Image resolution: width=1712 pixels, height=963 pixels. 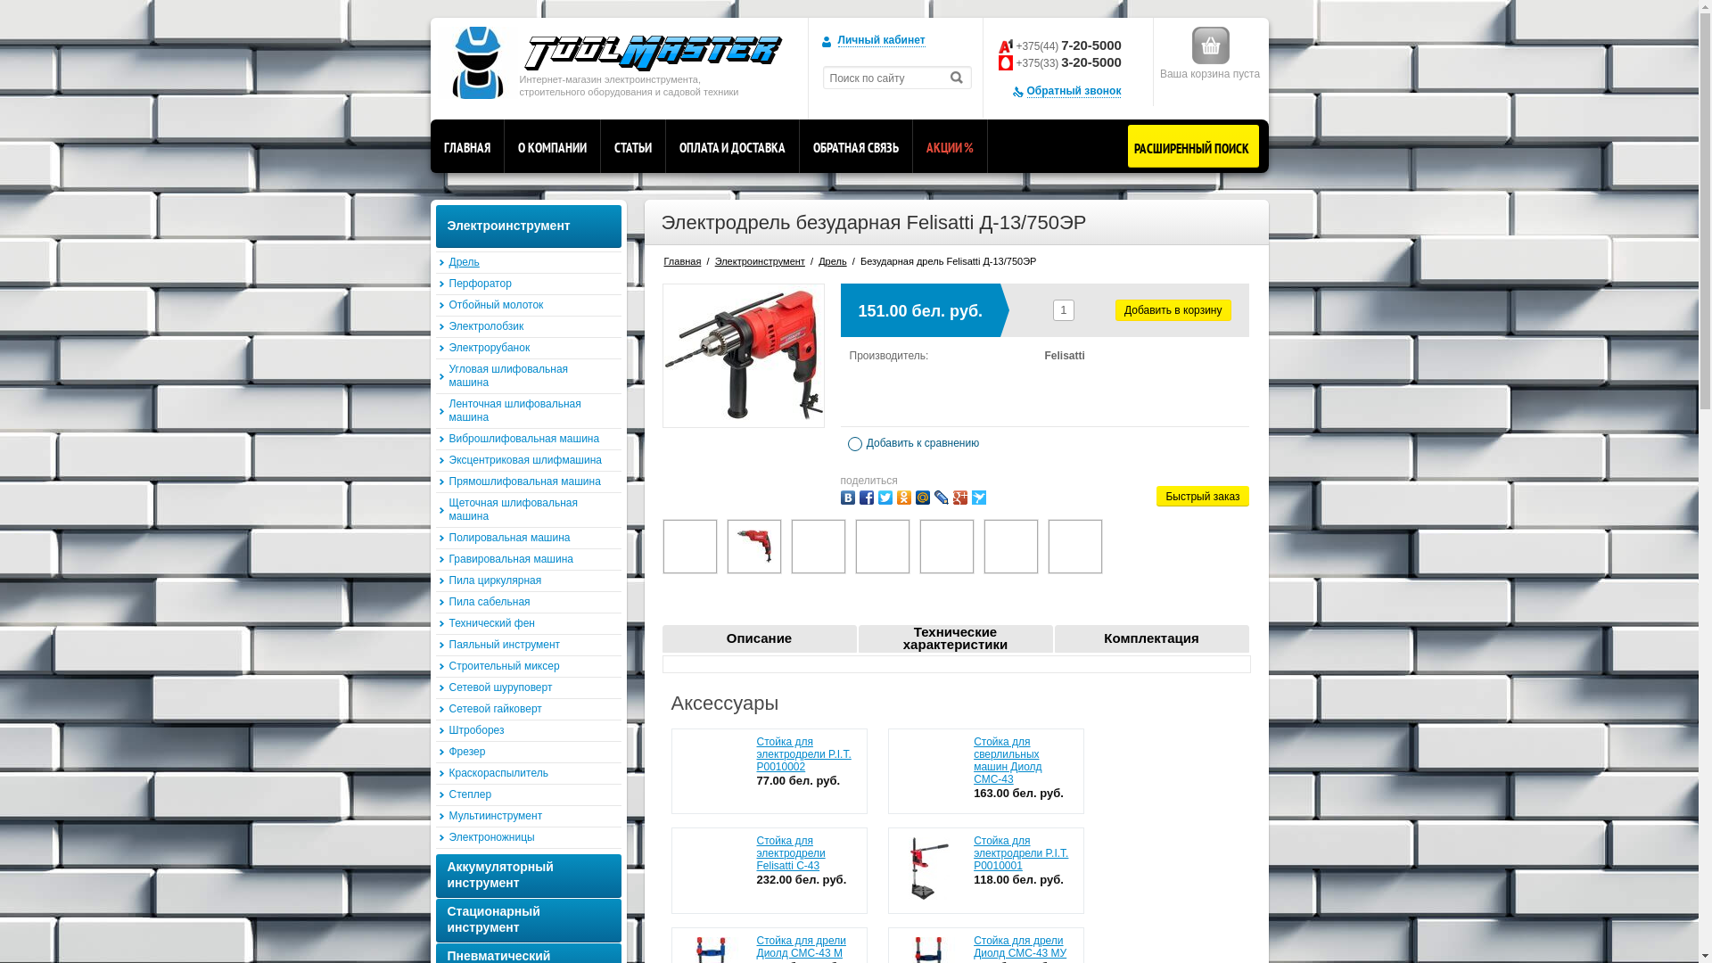 I want to click on 'Google Plus', so click(x=958, y=498).